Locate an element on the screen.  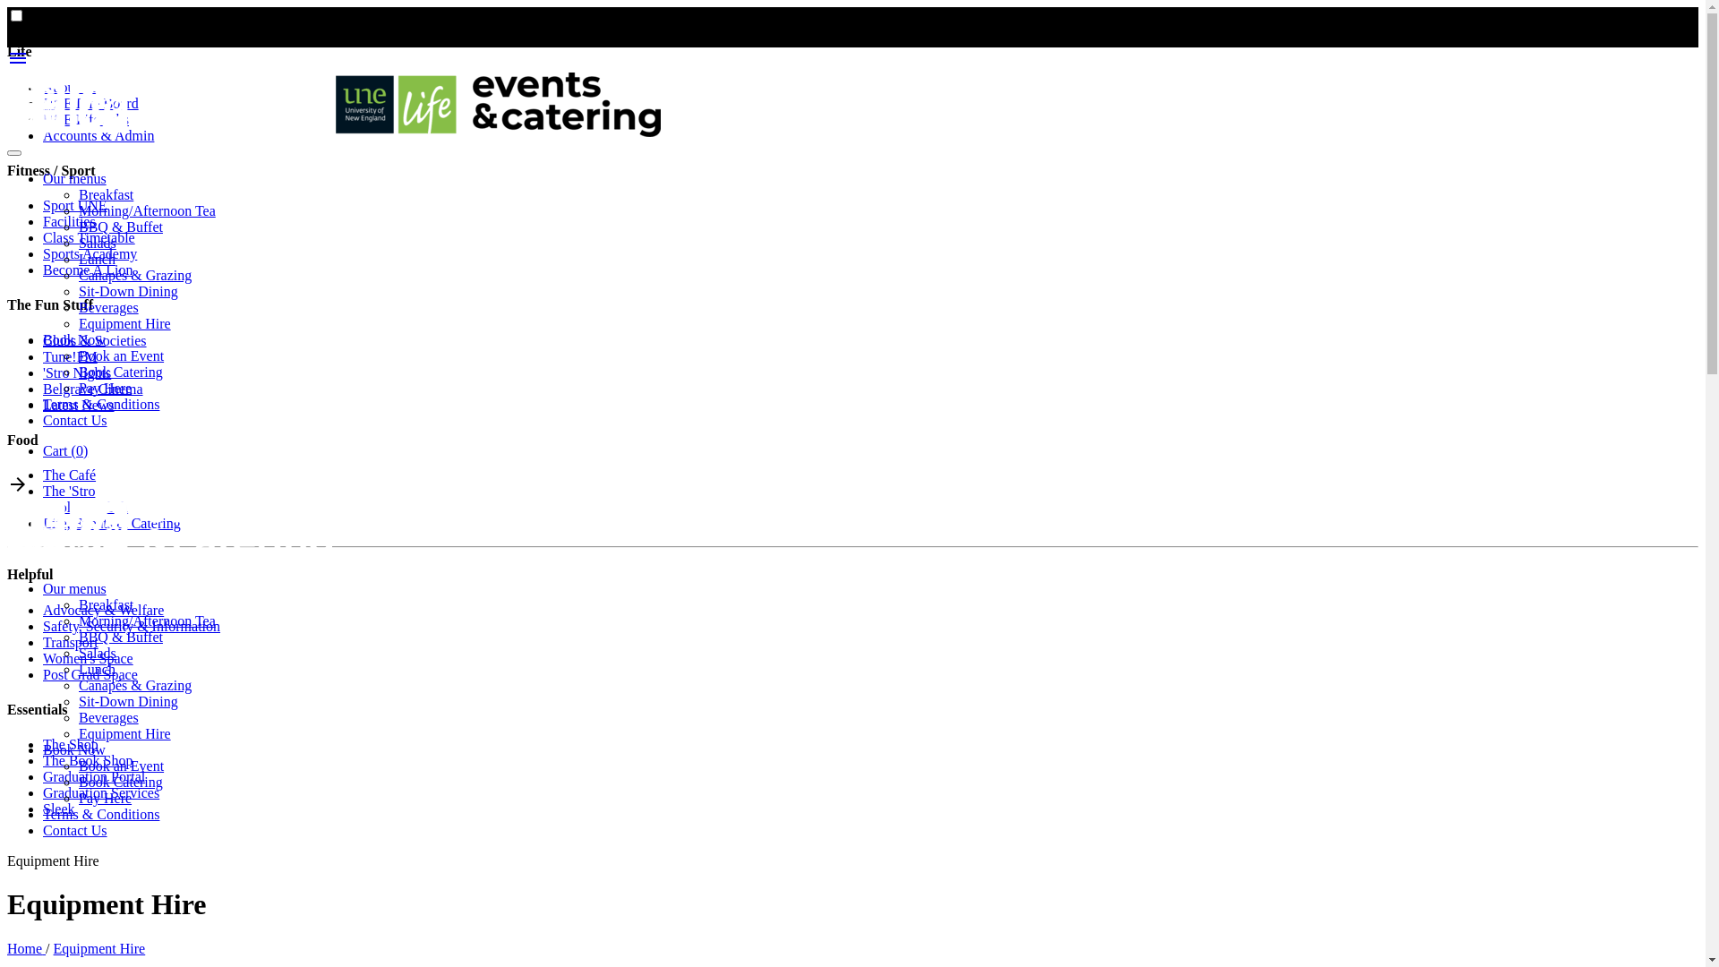
'Women's Space' is located at coordinates (87, 658).